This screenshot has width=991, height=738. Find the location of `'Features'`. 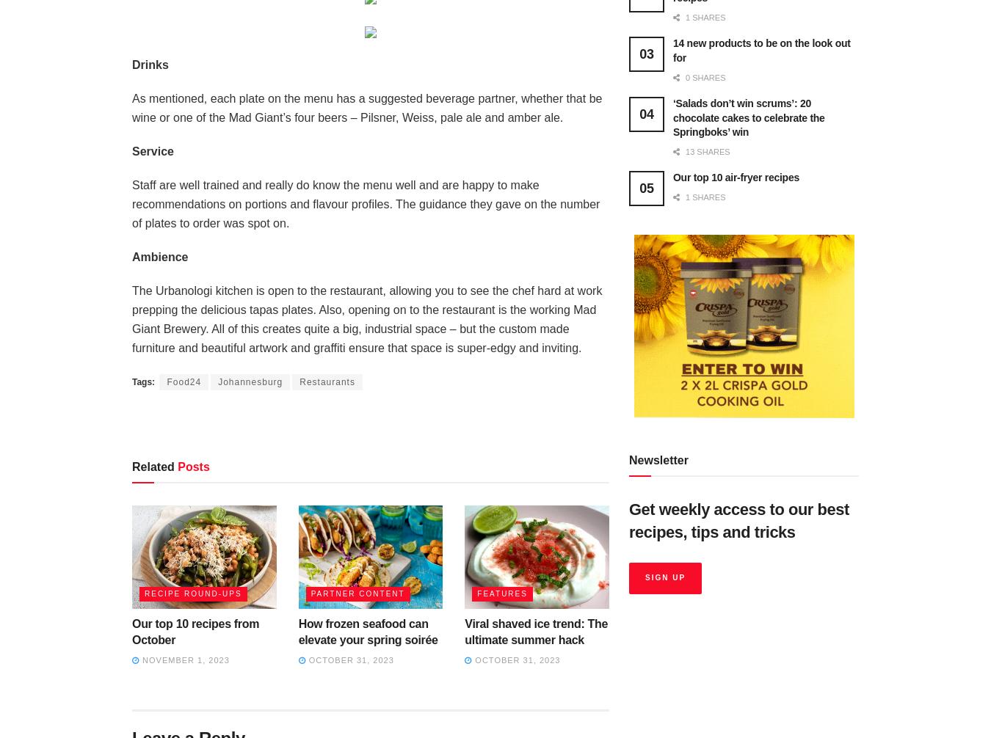

'Features' is located at coordinates (501, 592).